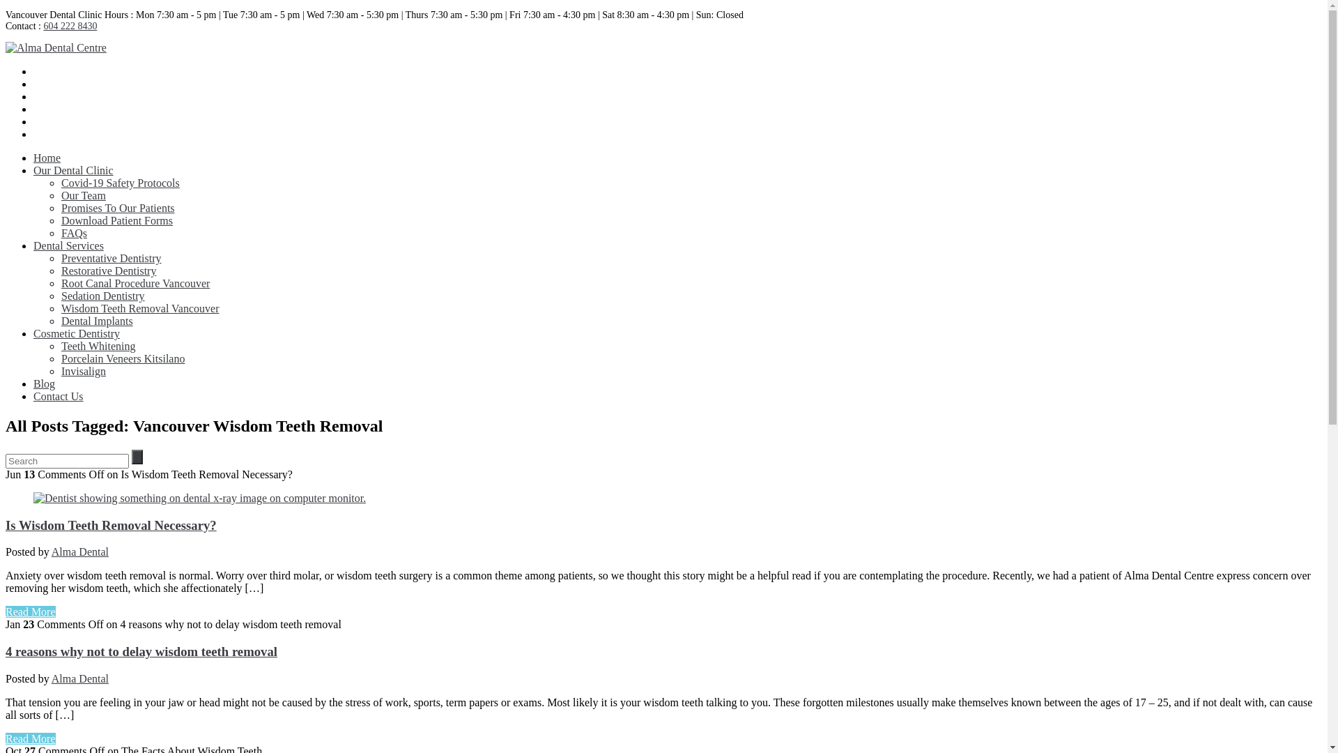  What do you see at coordinates (98, 345) in the screenshot?
I see `'Teeth Whitening'` at bounding box center [98, 345].